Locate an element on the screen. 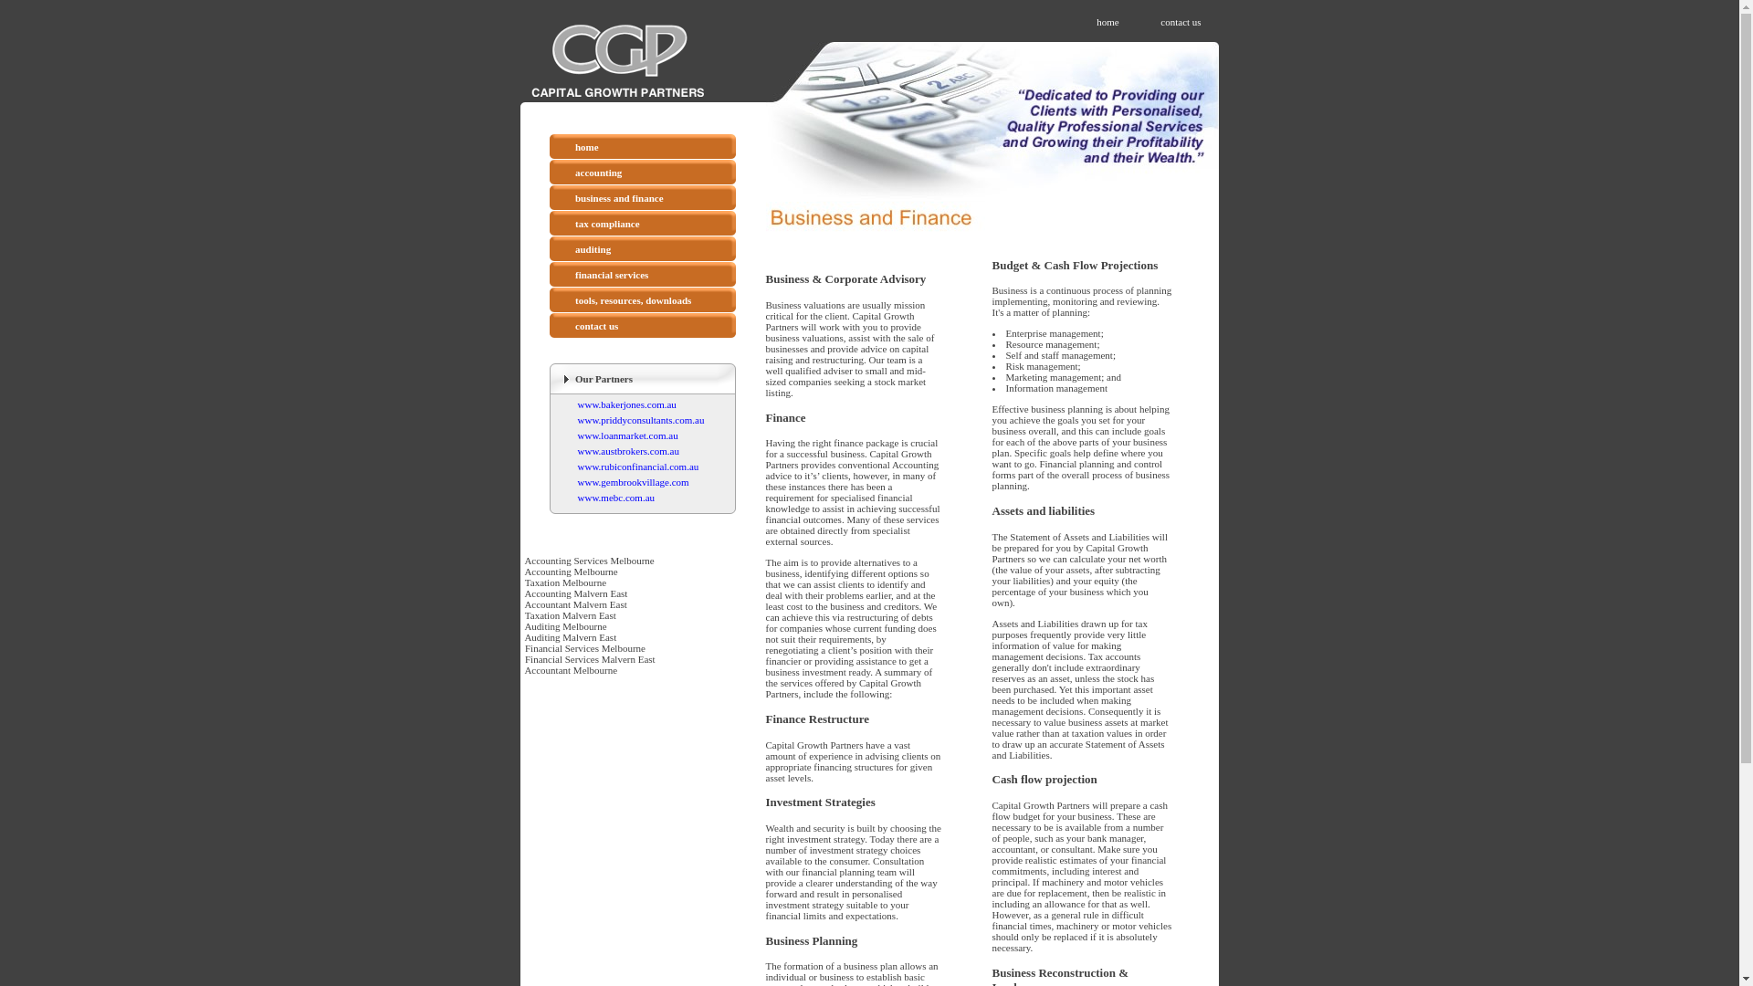 This screenshot has width=1753, height=986. 'auditing' is located at coordinates (593, 249).